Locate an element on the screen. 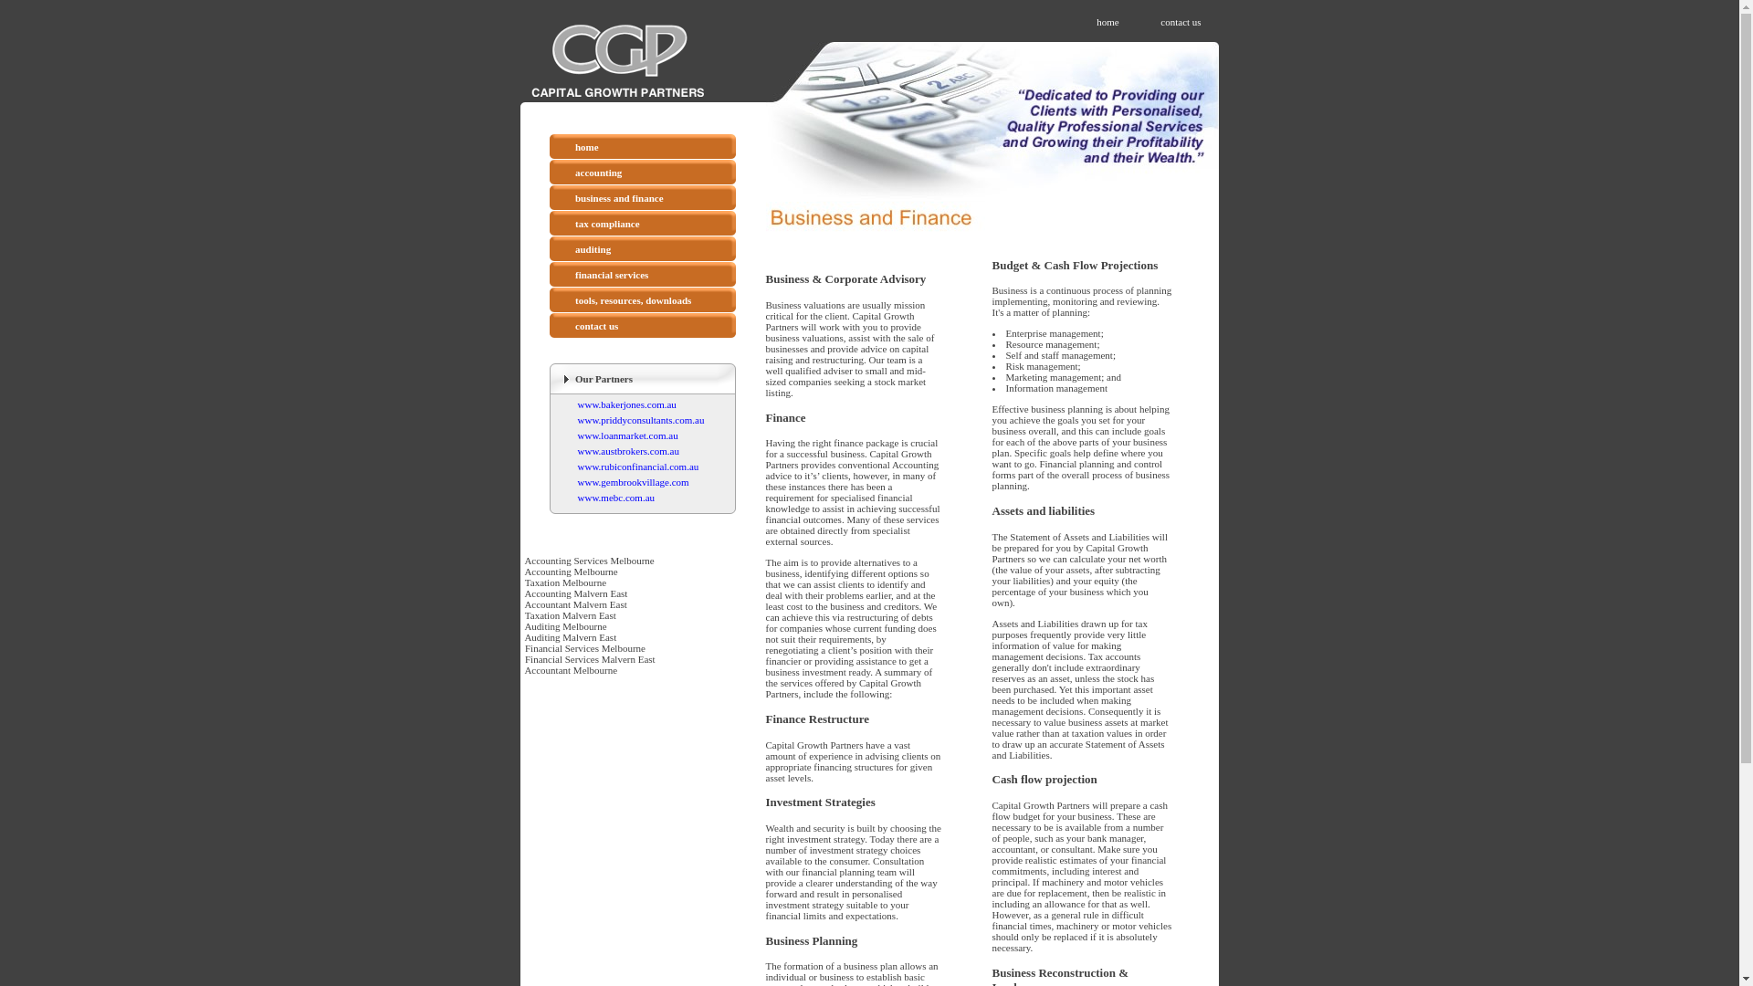 This screenshot has width=1753, height=986. 'auditing' is located at coordinates (593, 249).